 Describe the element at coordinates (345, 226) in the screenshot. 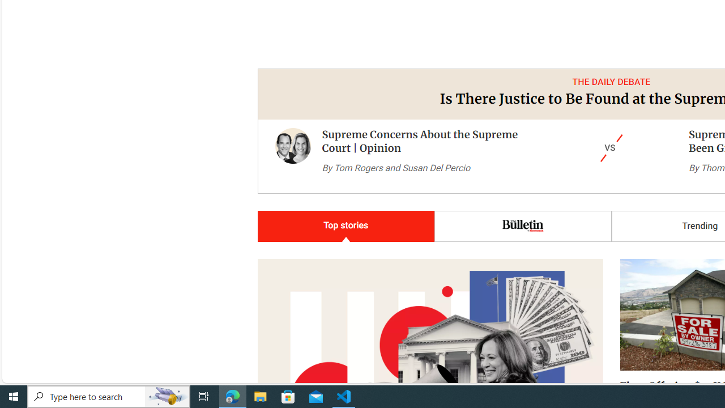

I see `'Top stories'` at that location.